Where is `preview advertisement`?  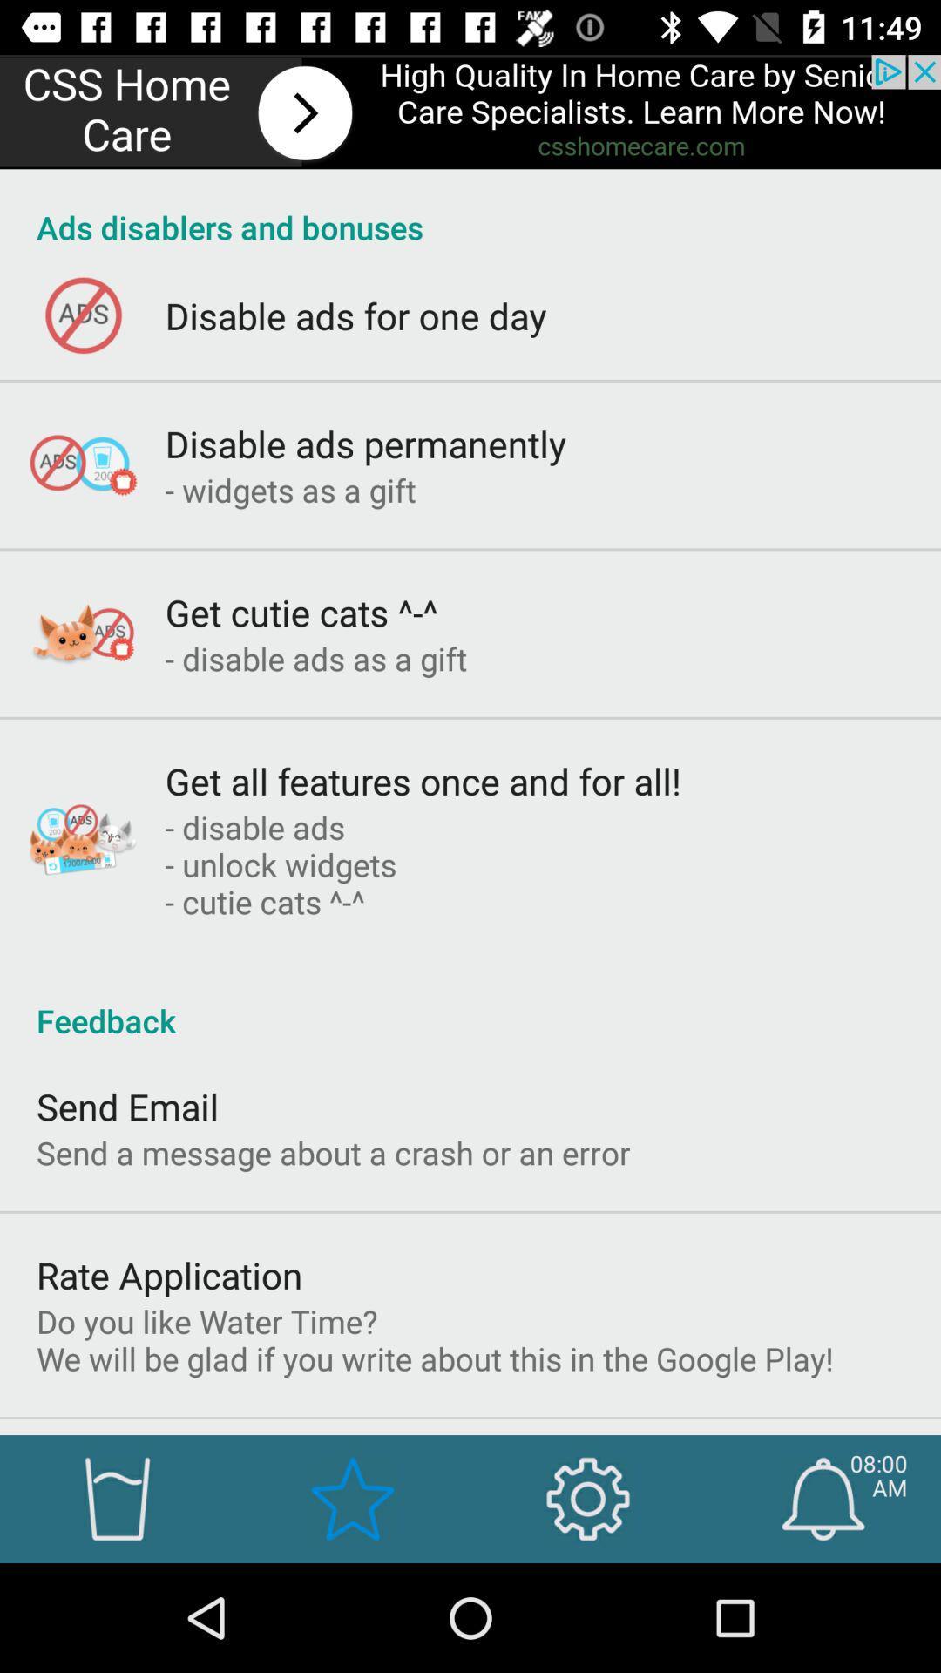 preview advertisement is located at coordinates (470, 111).